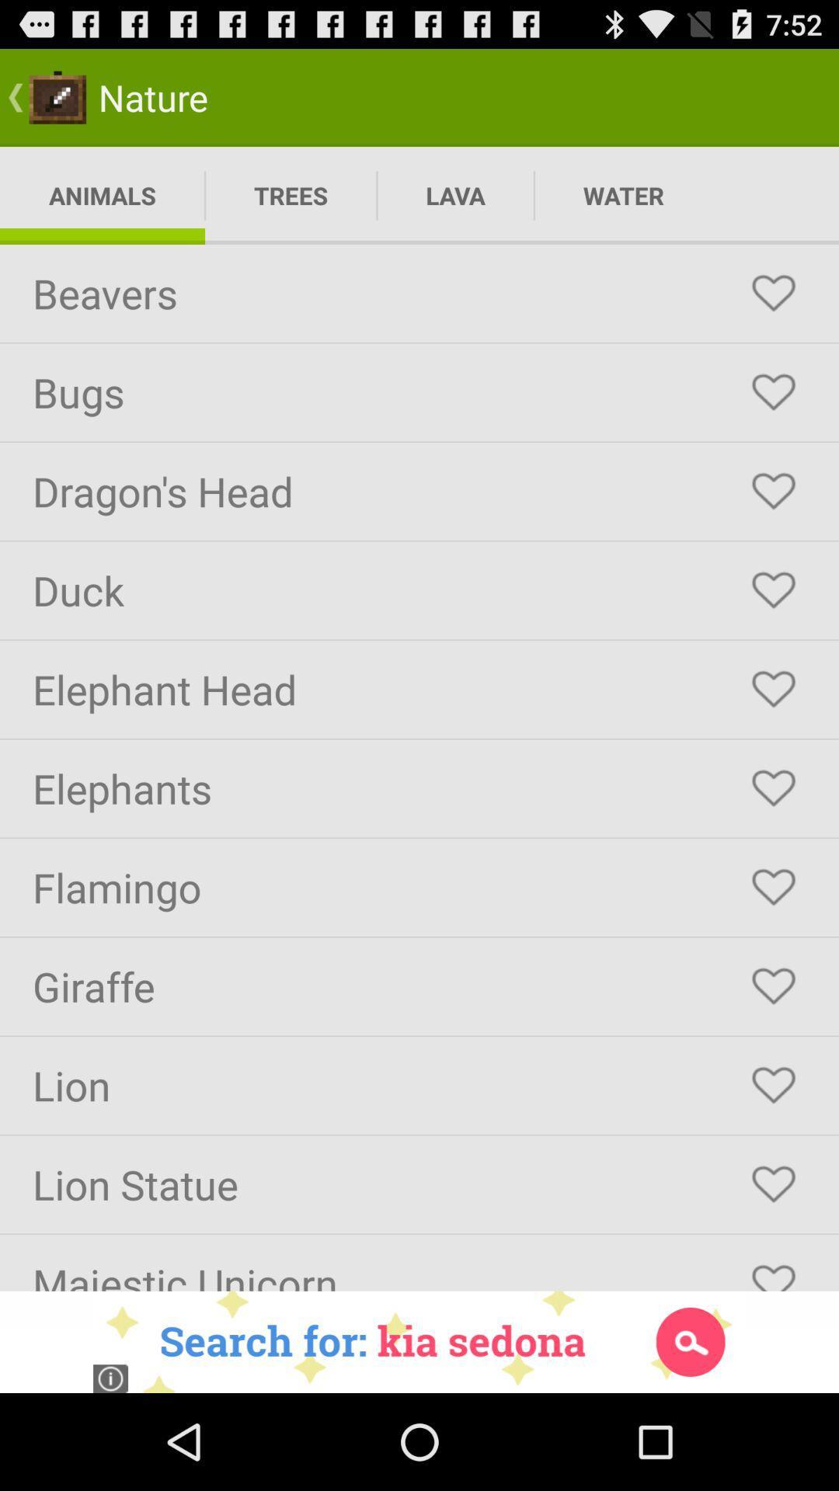  What do you see at coordinates (773, 887) in the screenshot?
I see `to favorites` at bounding box center [773, 887].